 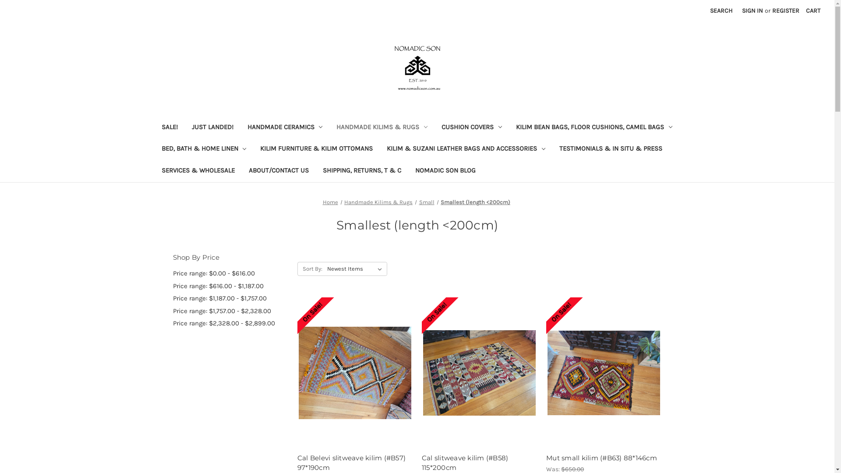 I want to click on 'CUSHION COVERS', so click(x=471, y=128).